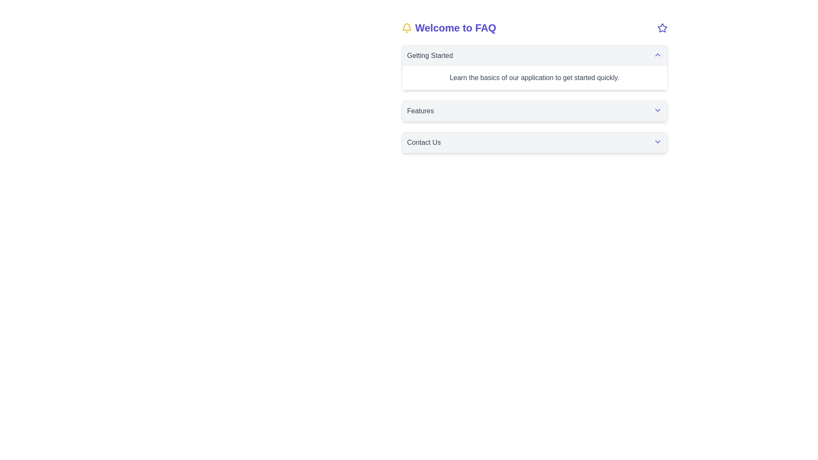 This screenshot has width=818, height=460. I want to click on the 'Getting Started' text label, which is styled in gray and located in the header of the FAQ section, so click(430, 56).